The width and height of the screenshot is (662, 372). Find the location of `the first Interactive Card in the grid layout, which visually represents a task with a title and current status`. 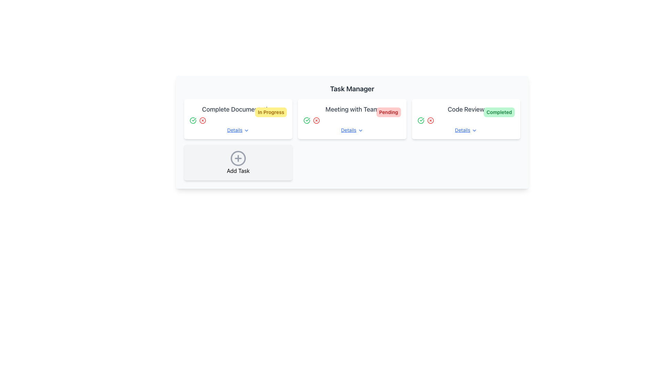

the first Interactive Card in the grid layout, which visually represents a task with a title and current status is located at coordinates (238, 119).